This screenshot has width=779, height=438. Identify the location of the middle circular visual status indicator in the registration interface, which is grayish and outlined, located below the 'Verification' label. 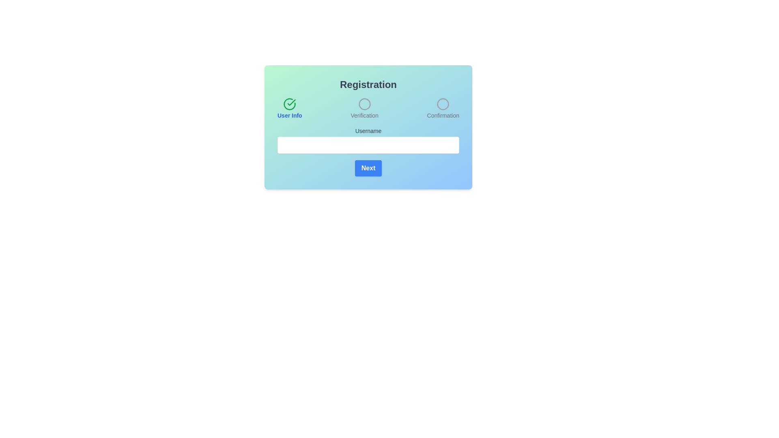
(364, 104).